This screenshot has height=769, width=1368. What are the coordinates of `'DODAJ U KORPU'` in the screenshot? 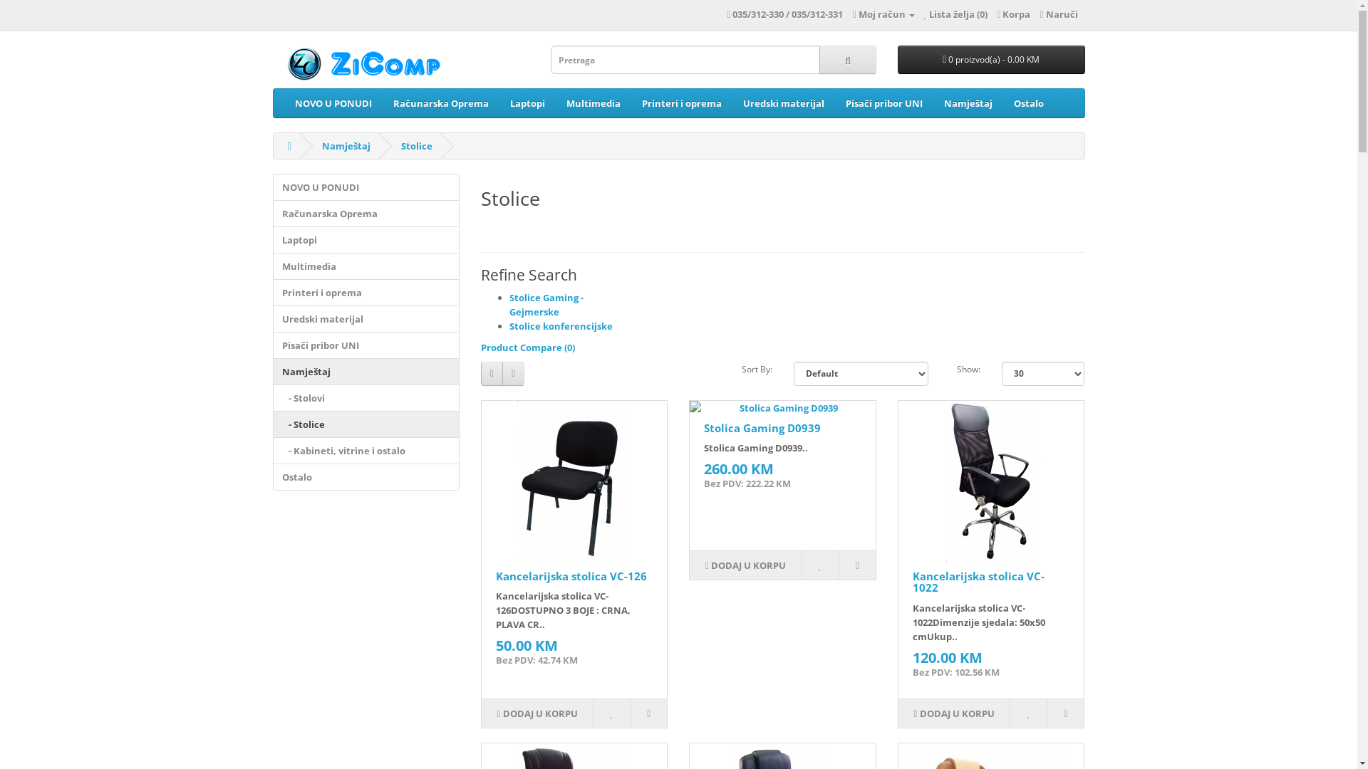 It's located at (482, 713).